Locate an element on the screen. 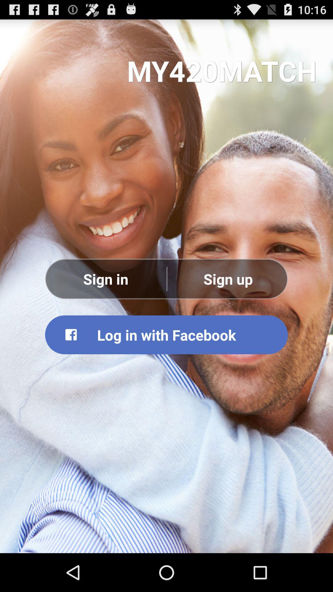 The width and height of the screenshot is (333, 592). the item on the left is located at coordinates (105, 278).